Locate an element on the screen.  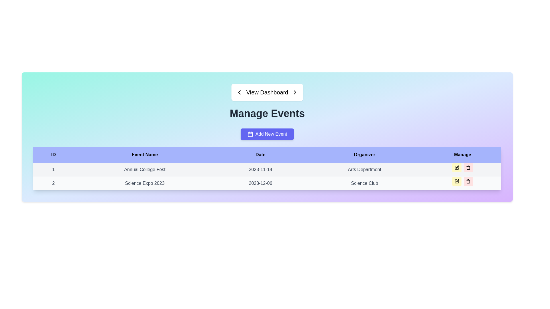
the 'Manage' column header text element to sort the column, which is styled with a blue background and black text, located at the end of the header row in the table is located at coordinates (462, 154).